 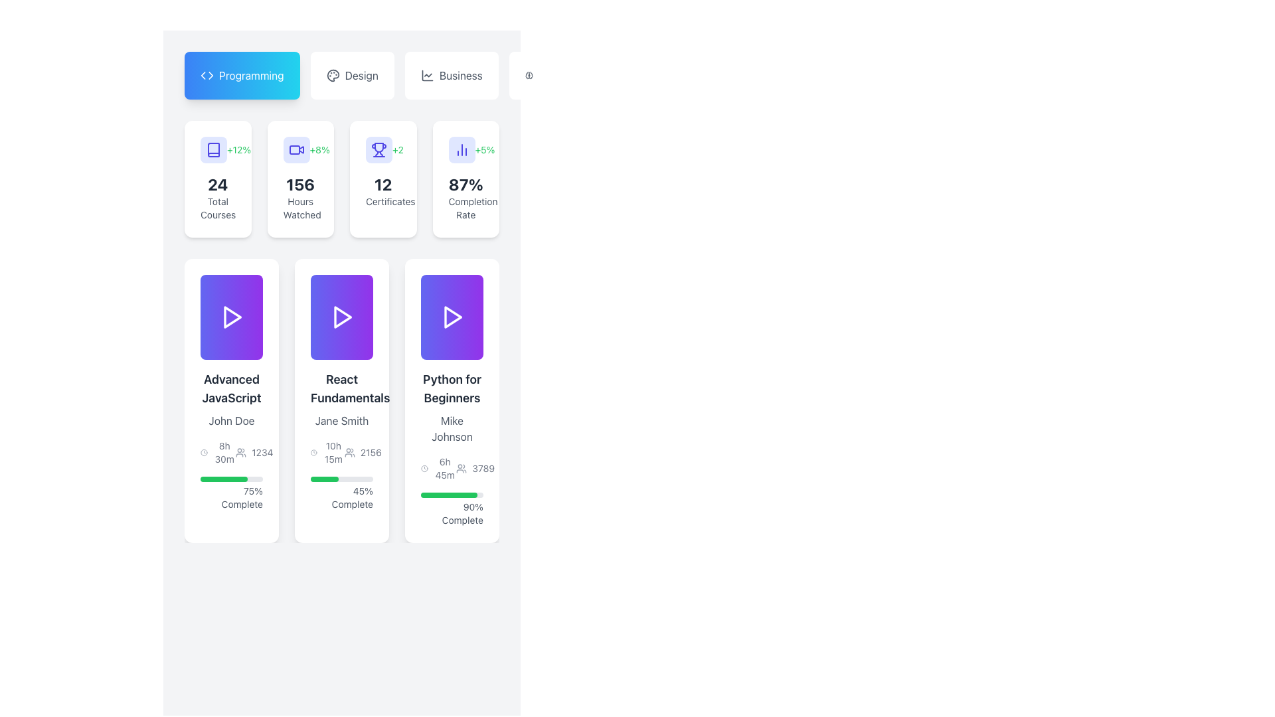 What do you see at coordinates (232, 317) in the screenshot?
I see `the triangular 'play' icon with a white outline located in the center of the first card under the 'Programming' tab, above the text 'Advanced JavaScript' to possibly play related content` at bounding box center [232, 317].